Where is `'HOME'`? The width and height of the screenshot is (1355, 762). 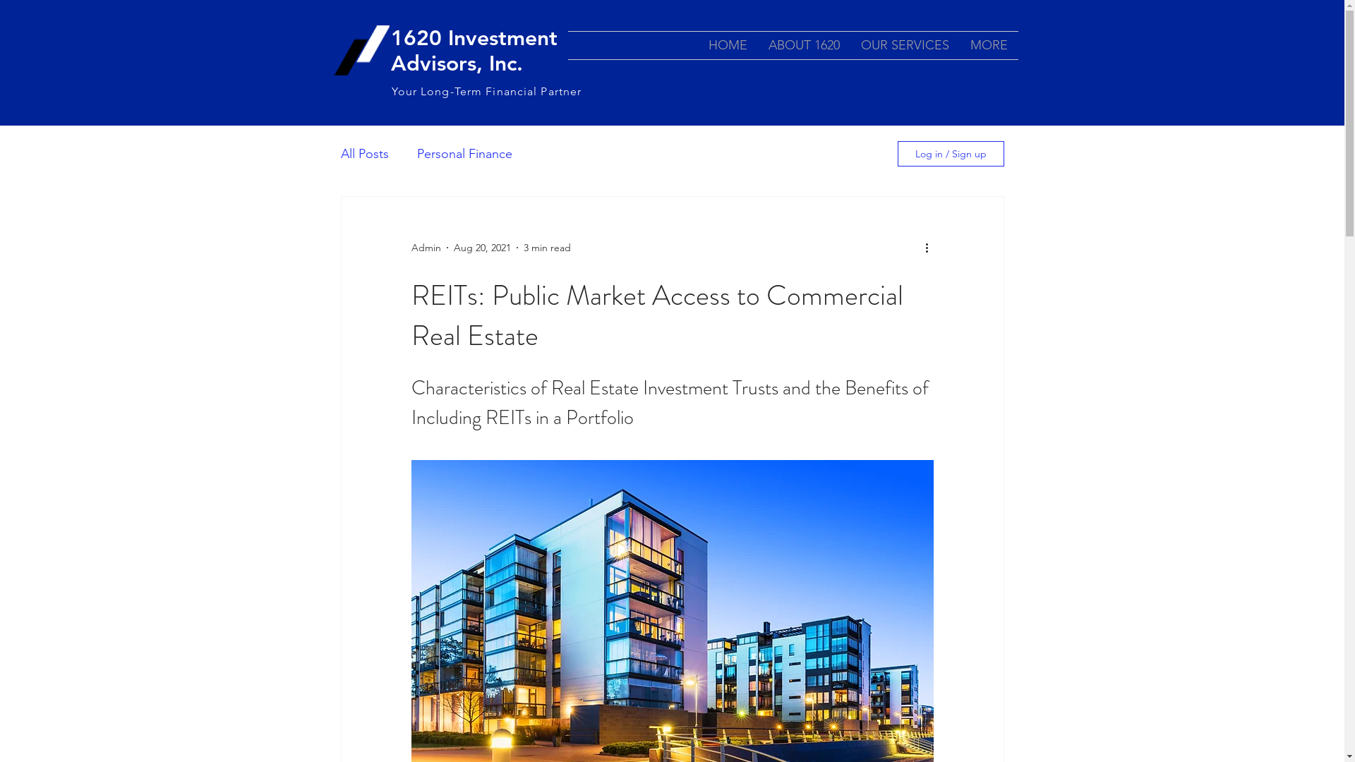 'HOME' is located at coordinates (727, 44).